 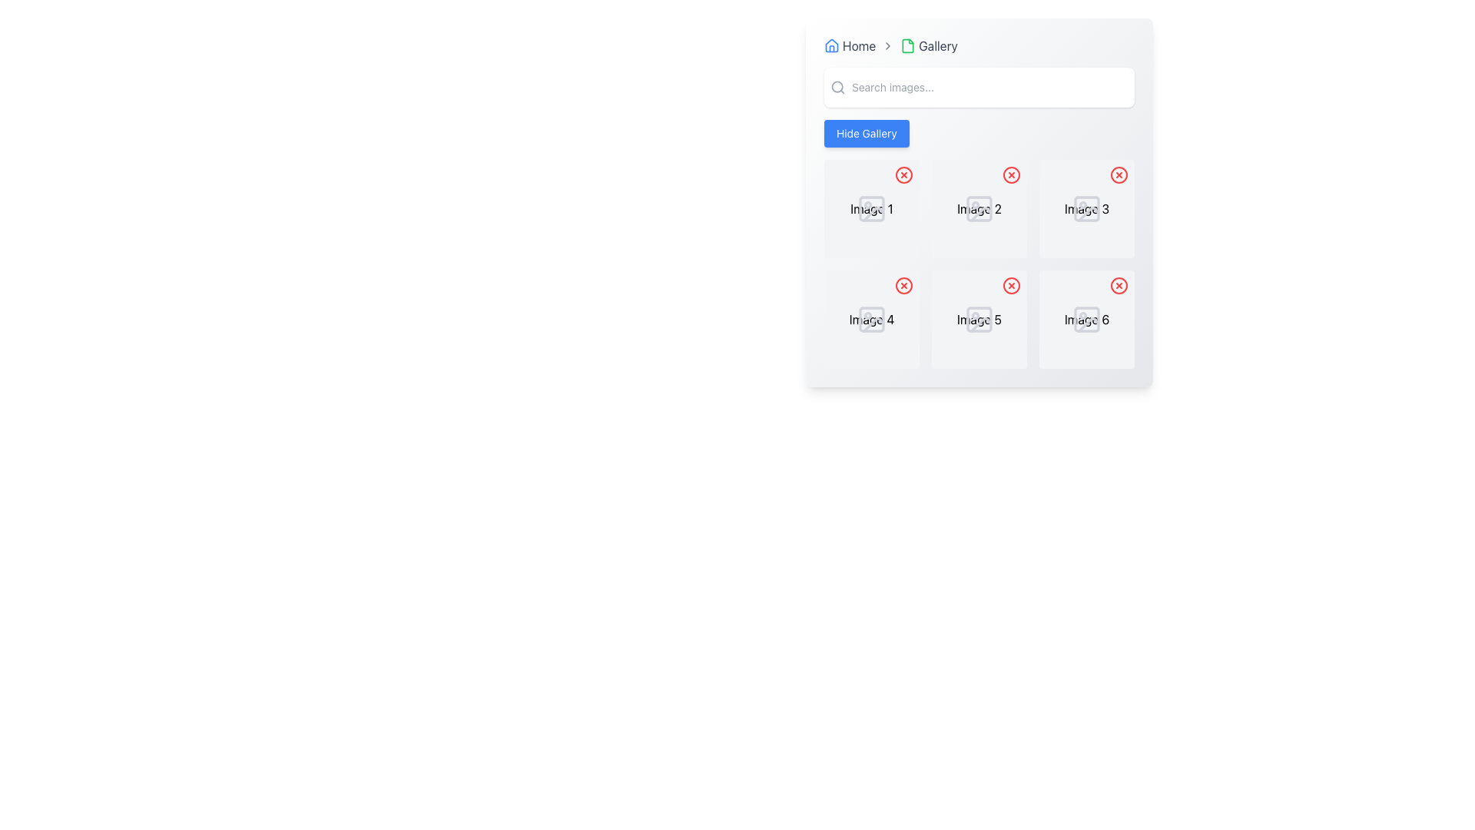 I want to click on the graphical frame that organizes the contents of the 'Image 6' icon located in the bottom-right of a 2x3 grid of image preview elements, so click(x=1086, y=319).